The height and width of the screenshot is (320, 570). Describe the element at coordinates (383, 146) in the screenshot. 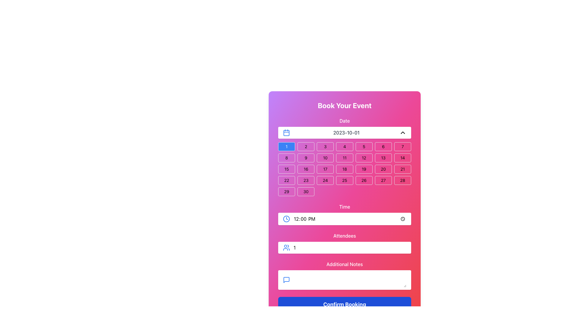

I see `the button representing the day '6' in the calendar interface` at that location.